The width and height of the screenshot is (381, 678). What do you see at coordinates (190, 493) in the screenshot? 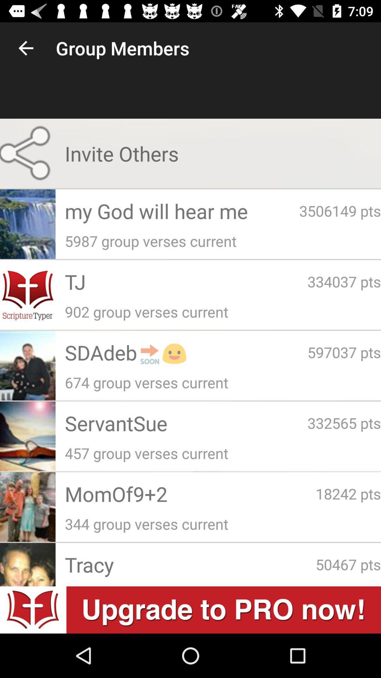
I see `the icon next to the 18242 pts app` at bounding box center [190, 493].